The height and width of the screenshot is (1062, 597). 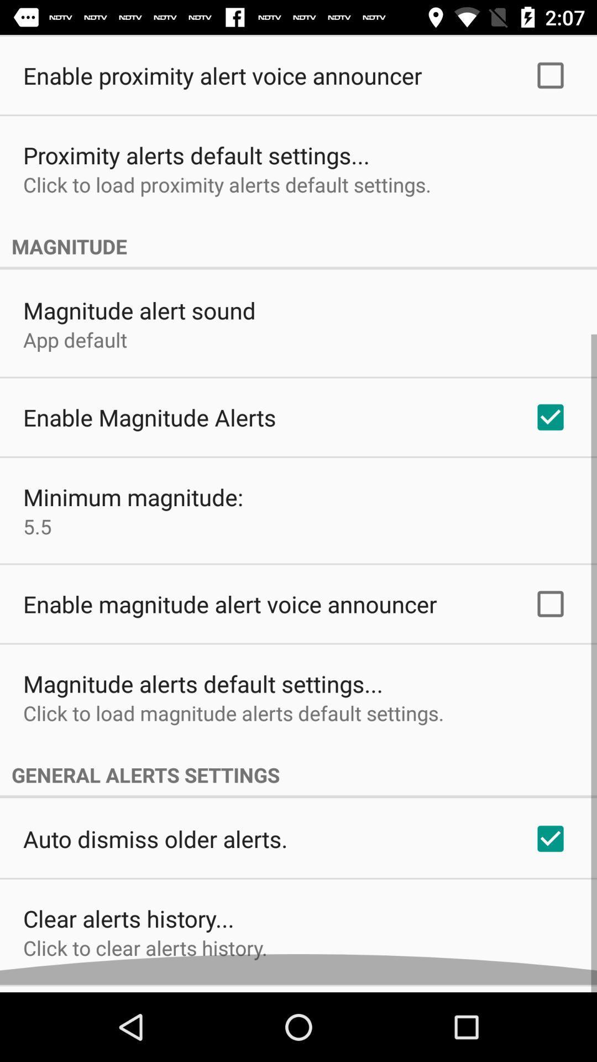 I want to click on app below the minimum magnitude: item, so click(x=36, y=534).